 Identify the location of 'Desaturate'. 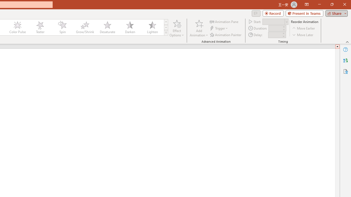
(107, 27).